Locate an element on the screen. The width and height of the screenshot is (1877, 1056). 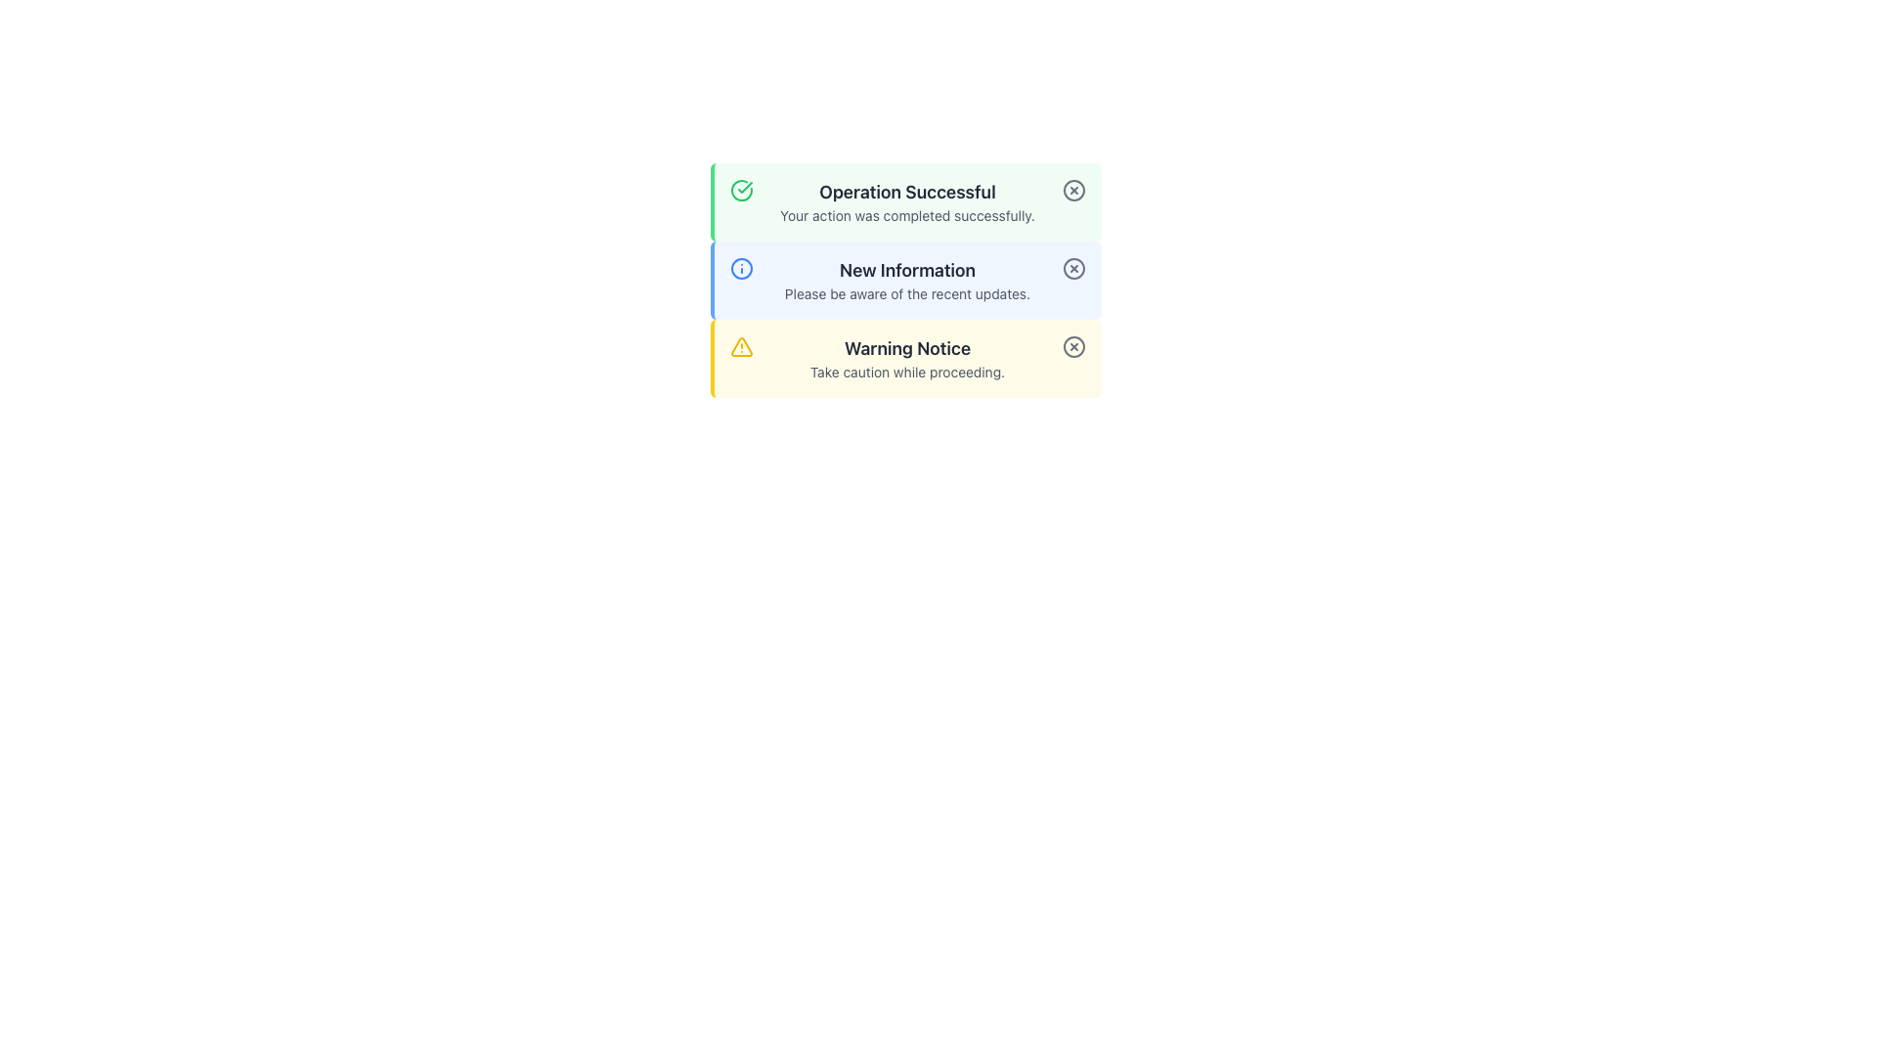
the circular close or cancel icon that visually defines its boundary, located to the far right of the 'Warning Notice' message box is located at coordinates (1072, 345).